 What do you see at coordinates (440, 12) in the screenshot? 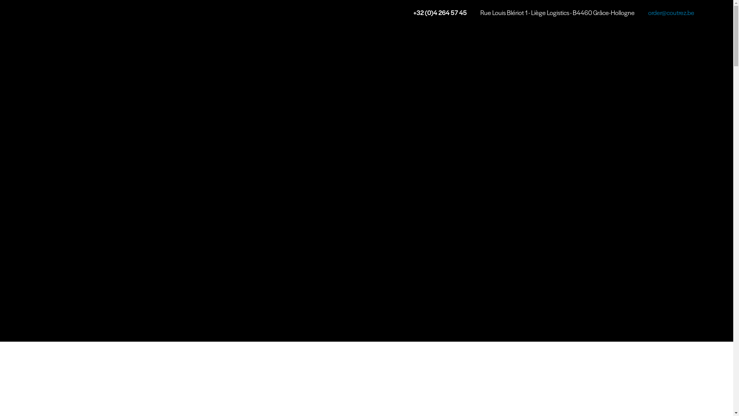
I see `'+32 (0)4 264 57 45'` at bounding box center [440, 12].